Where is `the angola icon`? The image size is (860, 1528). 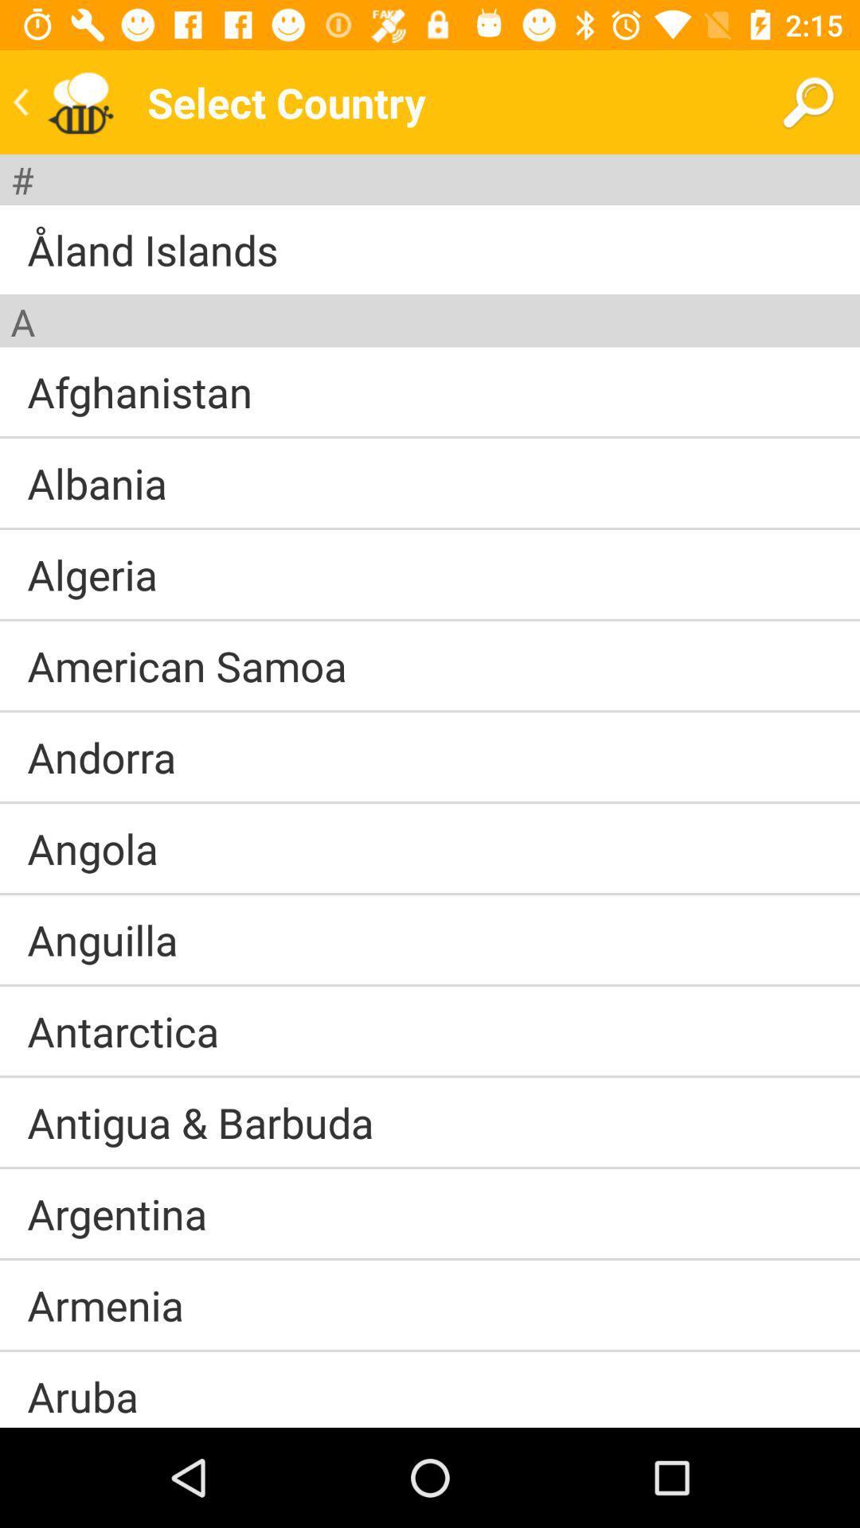
the angola icon is located at coordinates (92, 848).